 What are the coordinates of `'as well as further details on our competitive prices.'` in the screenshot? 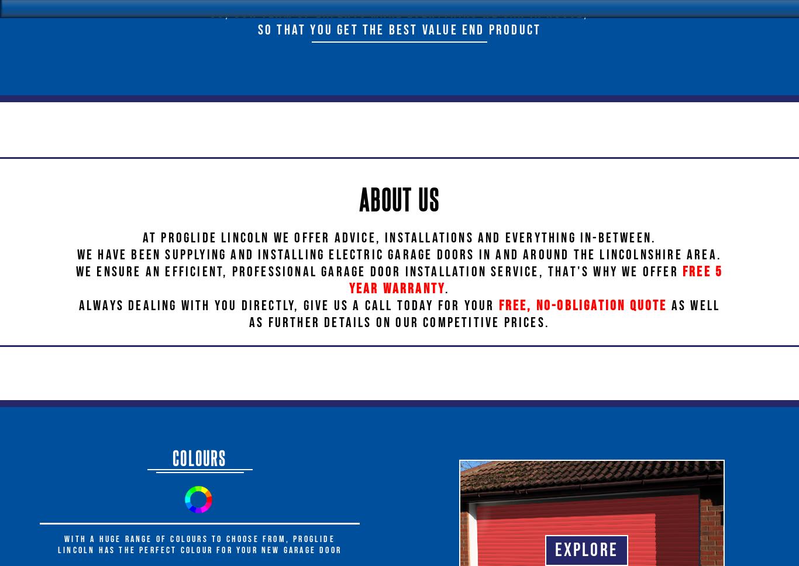 It's located at (247, 314).